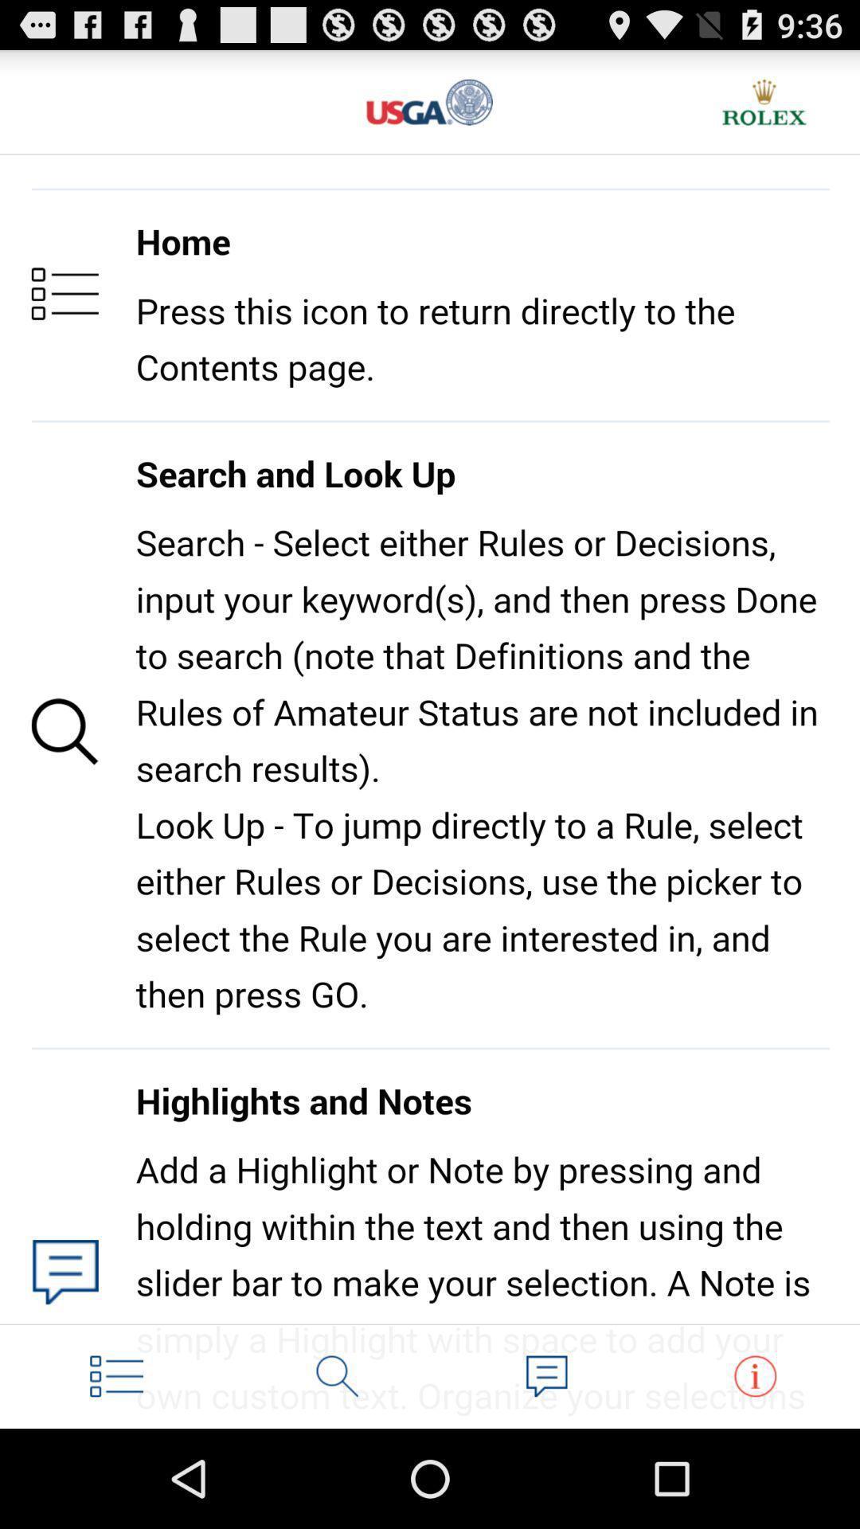  What do you see at coordinates (337, 1375) in the screenshot?
I see `search` at bounding box center [337, 1375].